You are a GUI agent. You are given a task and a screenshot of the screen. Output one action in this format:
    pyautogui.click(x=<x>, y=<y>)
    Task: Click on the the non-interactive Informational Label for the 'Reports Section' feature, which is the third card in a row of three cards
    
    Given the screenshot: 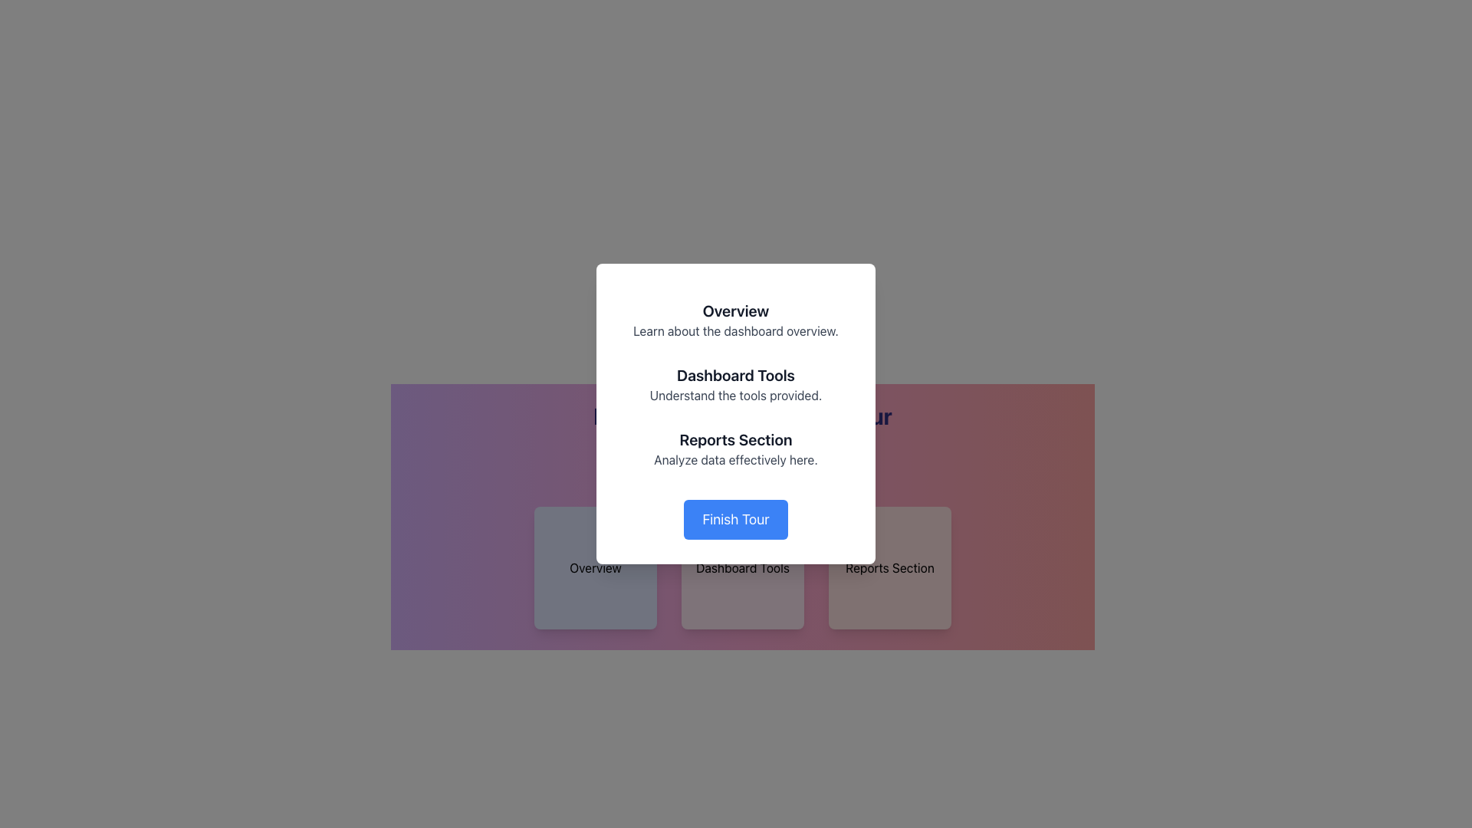 What is the action you would take?
    pyautogui.click(x=890, y=567)
    